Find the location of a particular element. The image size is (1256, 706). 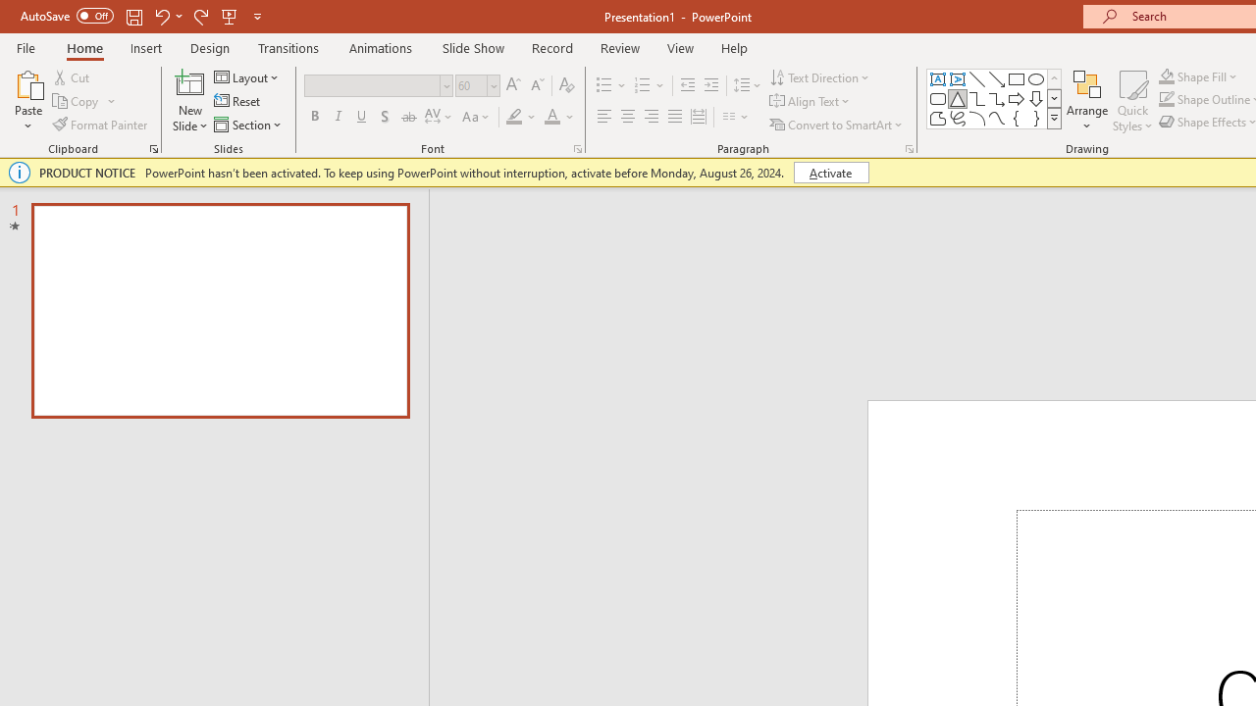

'Line Arrow' is located at coordinates (997, 78).